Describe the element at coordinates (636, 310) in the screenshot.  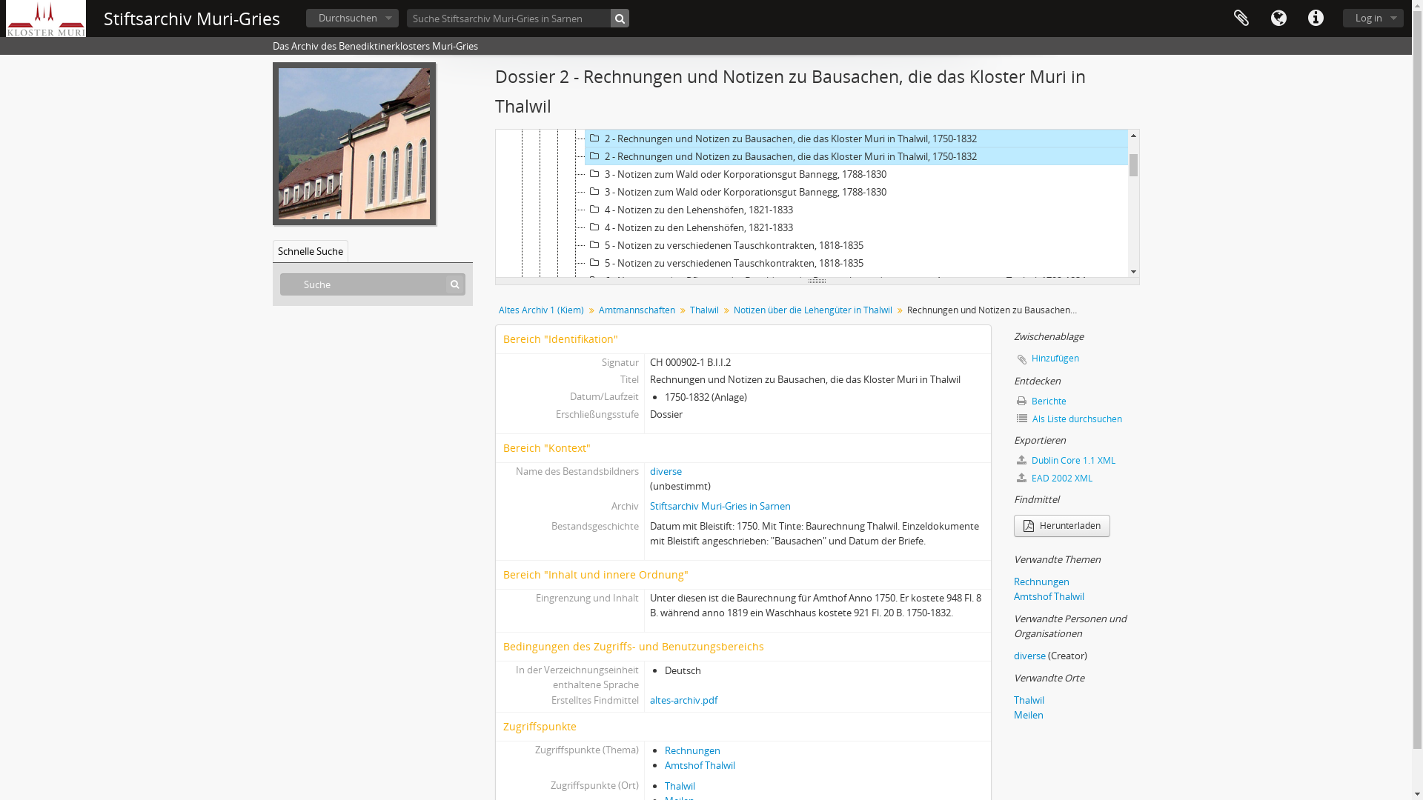
I see `'Amtmannschaften'` at that location.